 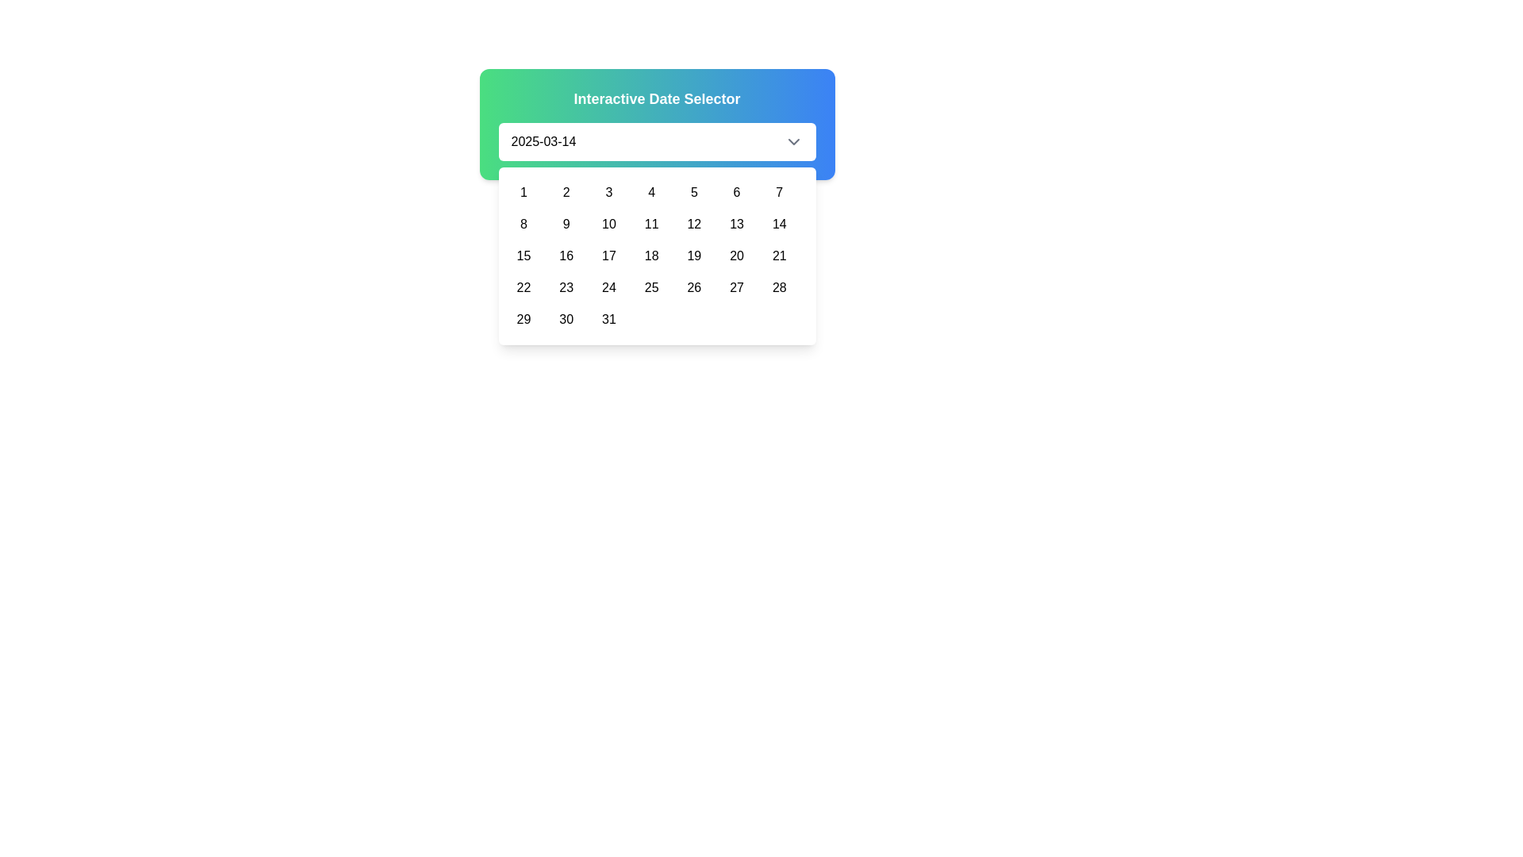 I want to click on the button representing the 25th day of the month in the interactive calendar component, so click(x=651, y=287).